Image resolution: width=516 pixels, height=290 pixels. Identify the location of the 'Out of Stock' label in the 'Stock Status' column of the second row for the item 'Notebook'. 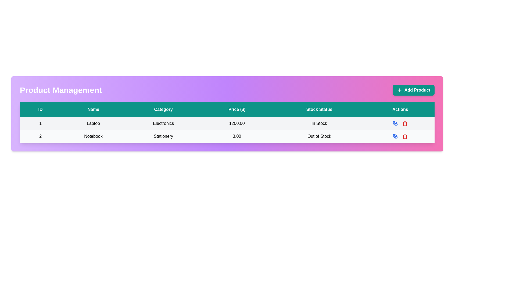
(319, 136).